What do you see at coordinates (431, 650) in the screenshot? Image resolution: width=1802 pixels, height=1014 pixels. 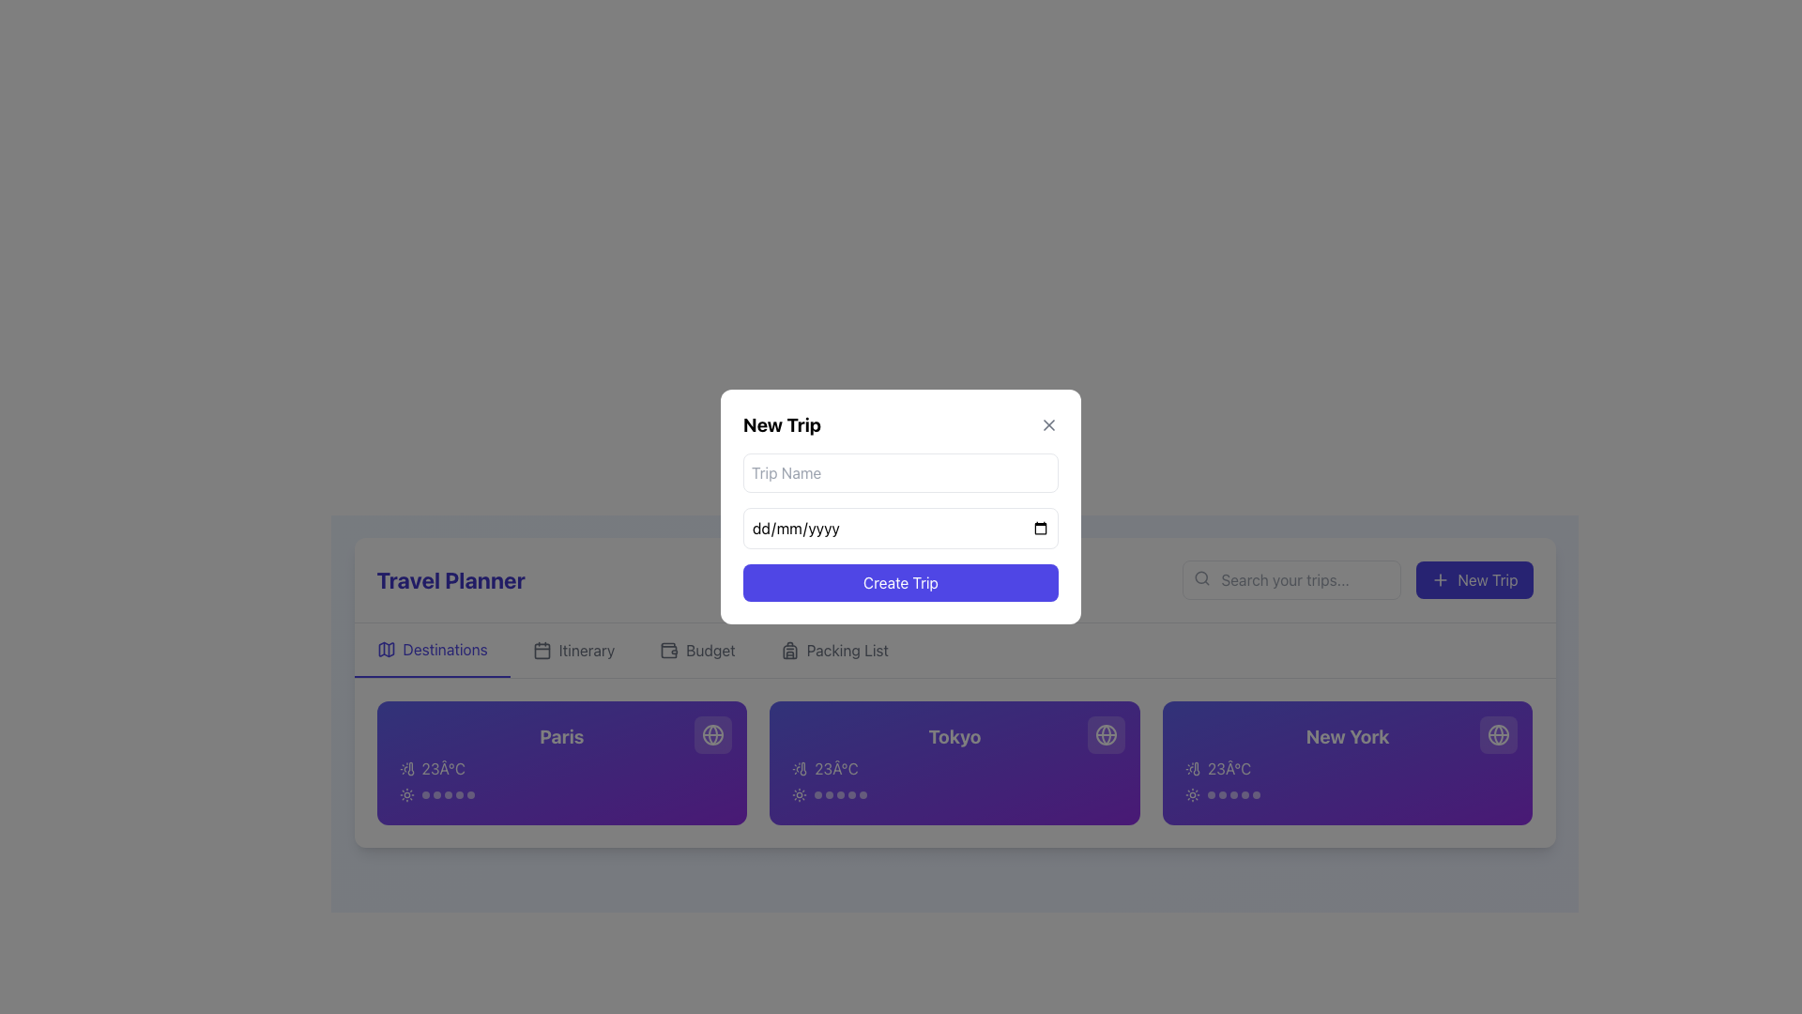 I see `the 'Destinations' navigation button, which is highlighted with indigo text and a bold underline` at bounding box center [431, 650].